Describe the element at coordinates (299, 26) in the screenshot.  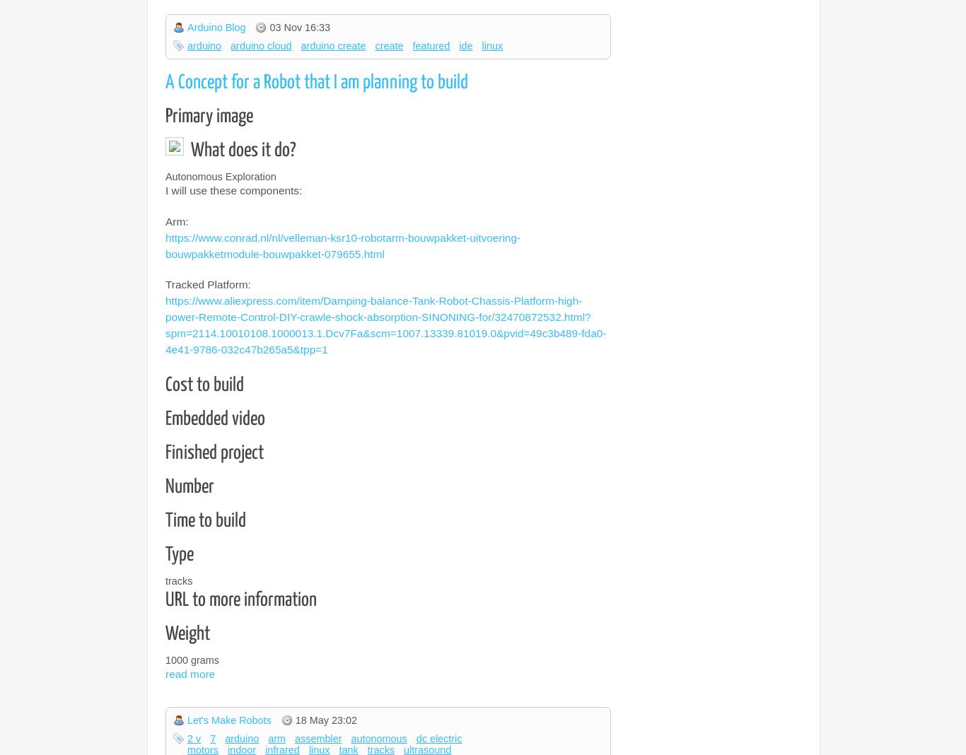
I see `'03 Nov 16:33'` at that location.